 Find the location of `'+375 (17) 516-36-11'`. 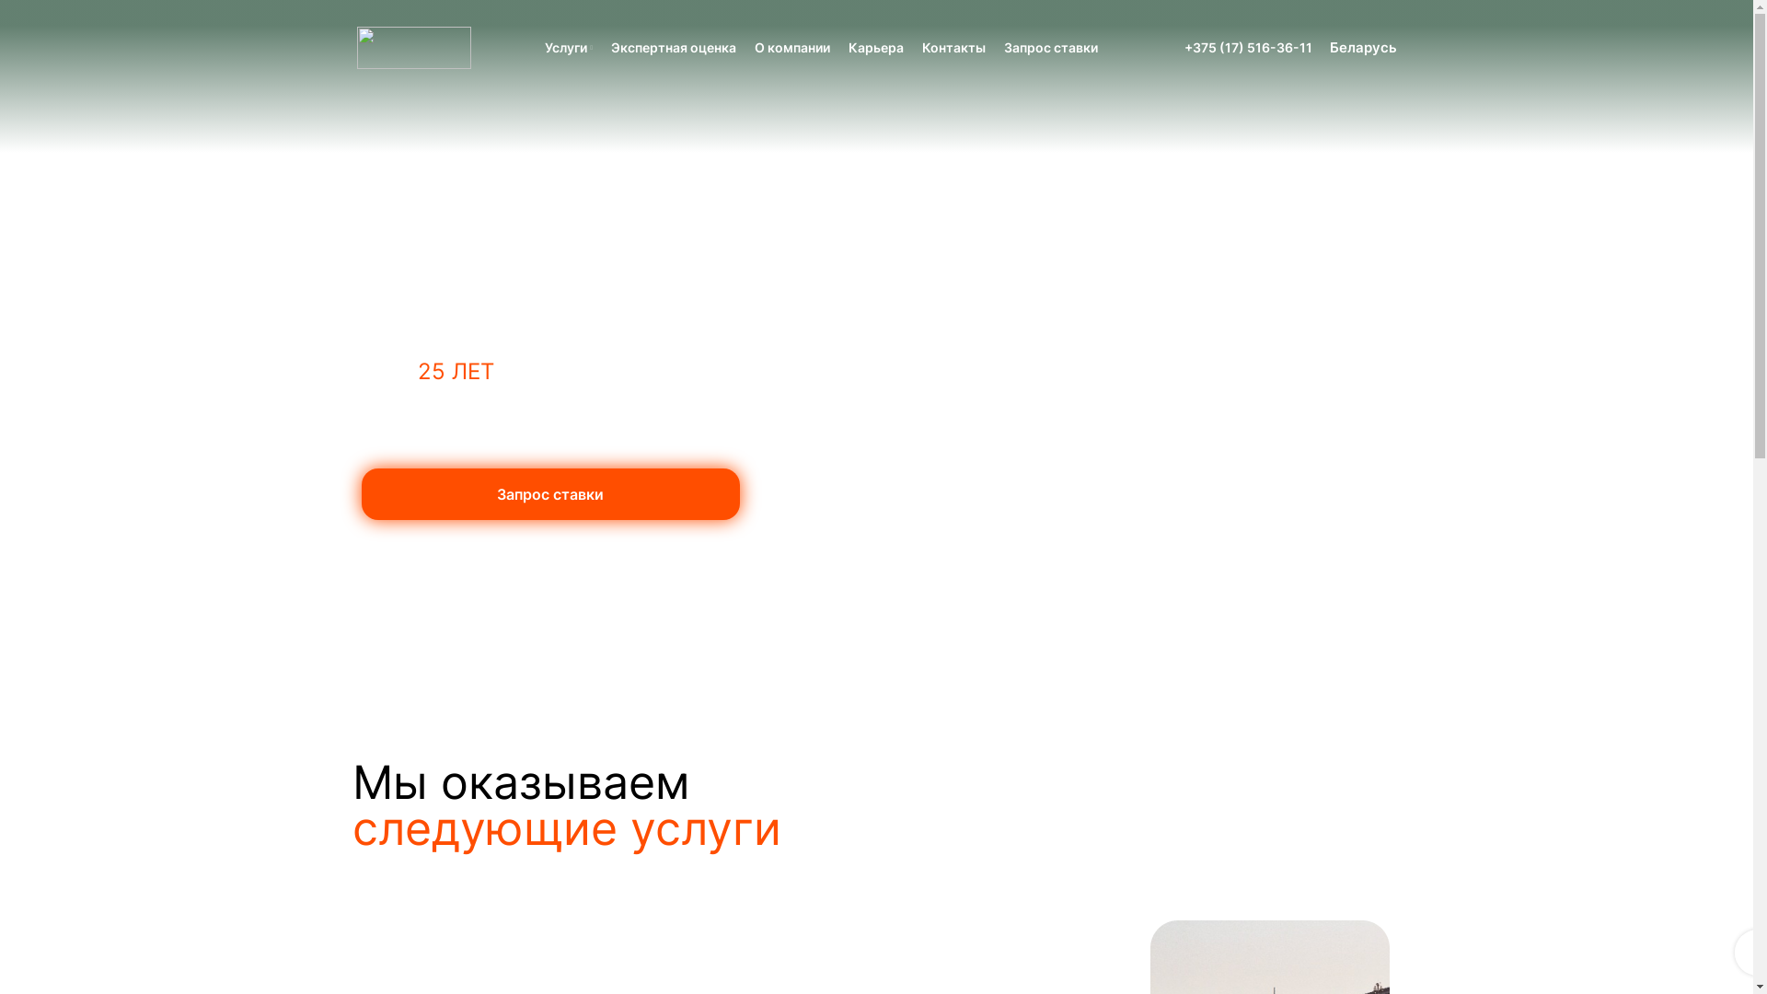

'+375 (17) 516-36-11' is located at coordinates (1247, 46).